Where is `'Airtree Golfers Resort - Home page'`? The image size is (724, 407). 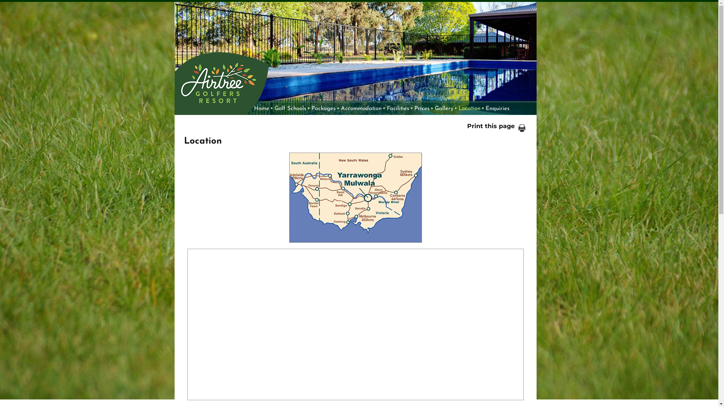
'Airtree Golfers Resort - Home page' is located at coordinates (221, 78).